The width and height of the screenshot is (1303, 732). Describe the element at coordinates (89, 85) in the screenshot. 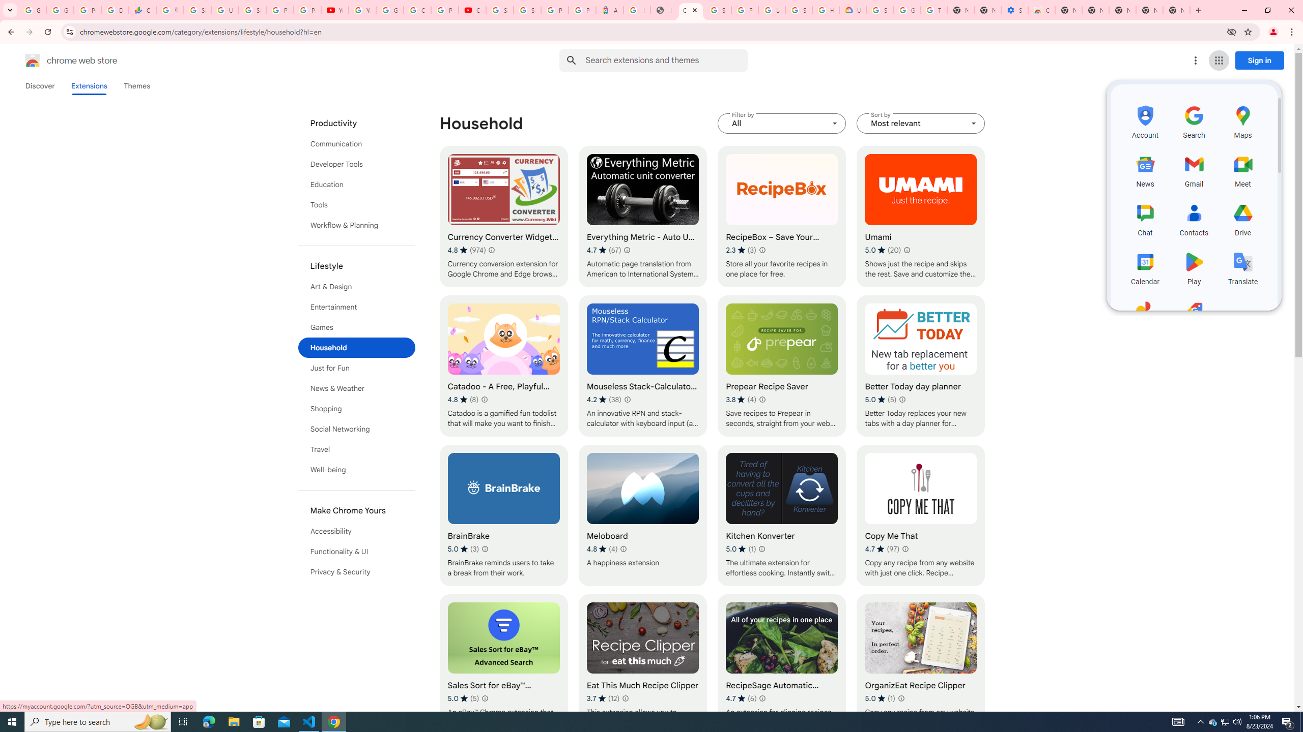

I see `'Extensions'` at that location.